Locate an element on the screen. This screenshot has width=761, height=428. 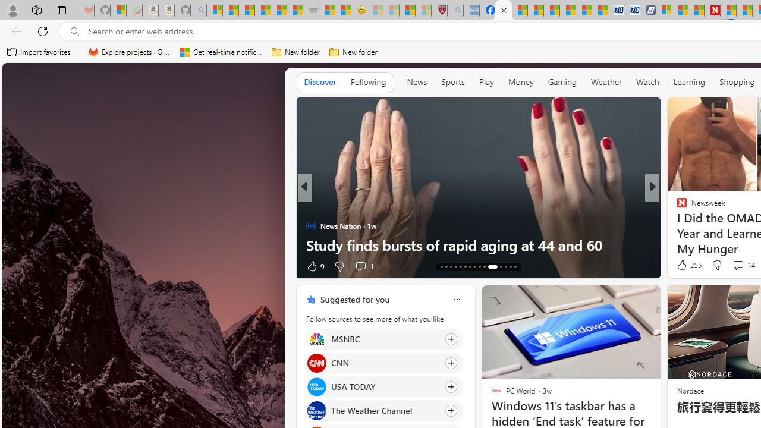
'255 Like' is located at coordinates (688, 265).